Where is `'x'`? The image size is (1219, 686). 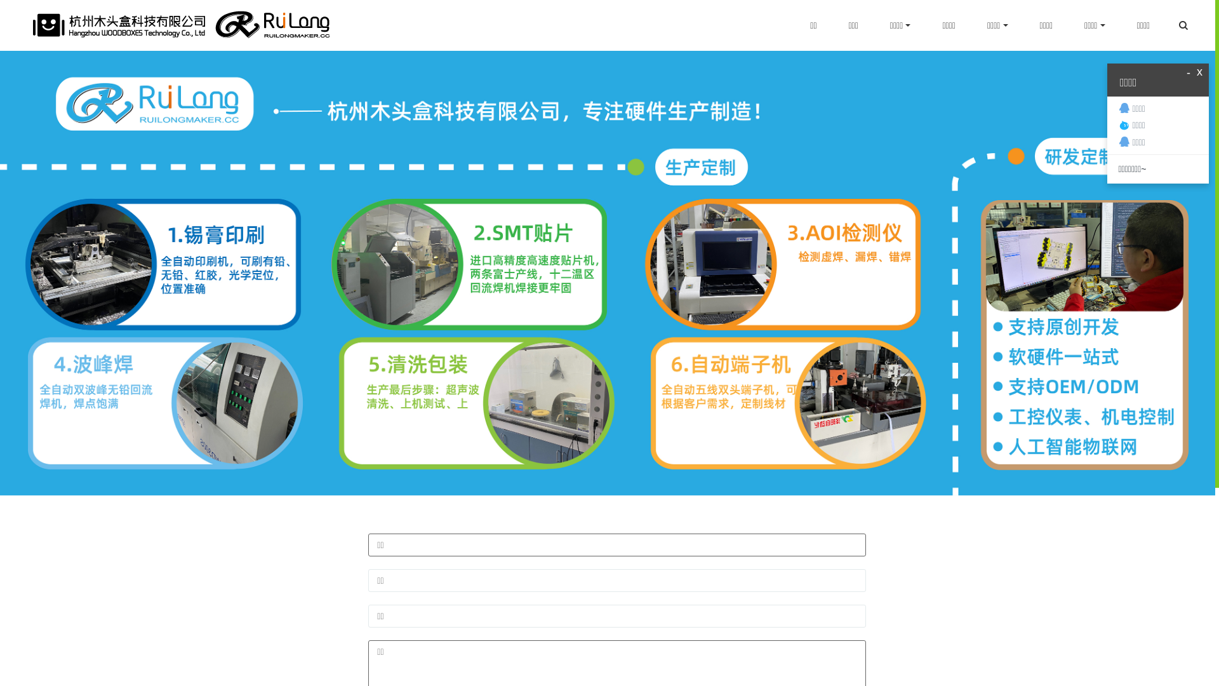 'x' is located at coordinates (1199, 72).